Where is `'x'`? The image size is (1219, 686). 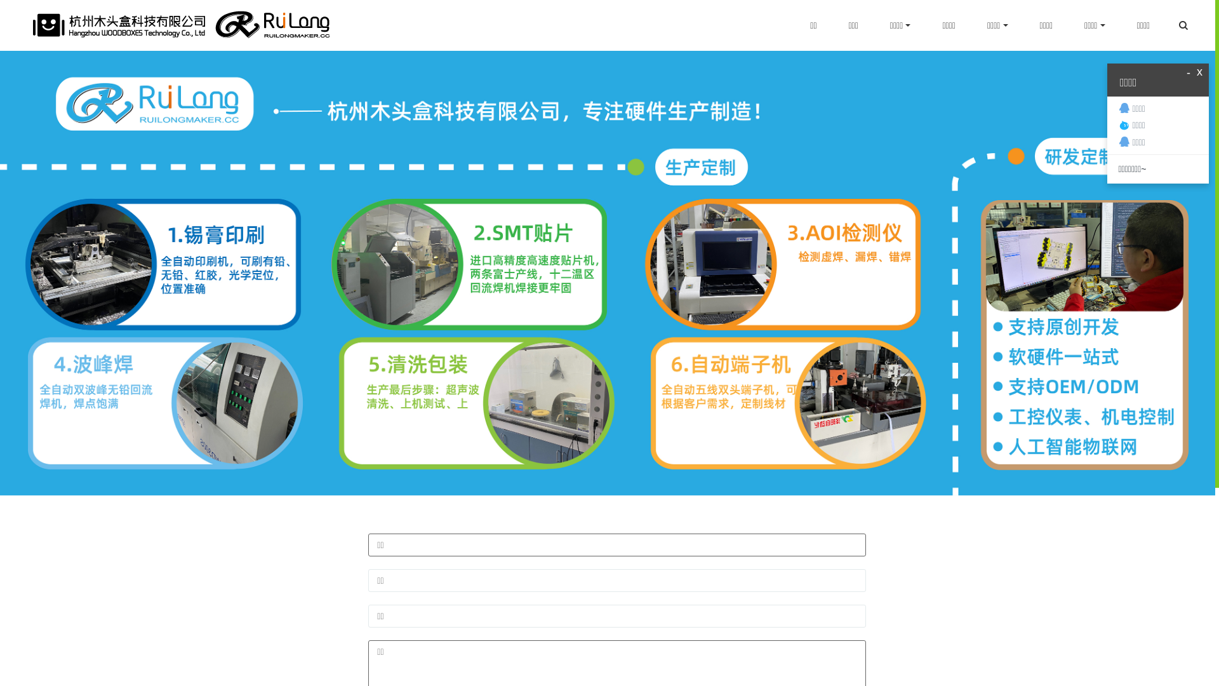 'x' is located at coordinates (1199, 72).